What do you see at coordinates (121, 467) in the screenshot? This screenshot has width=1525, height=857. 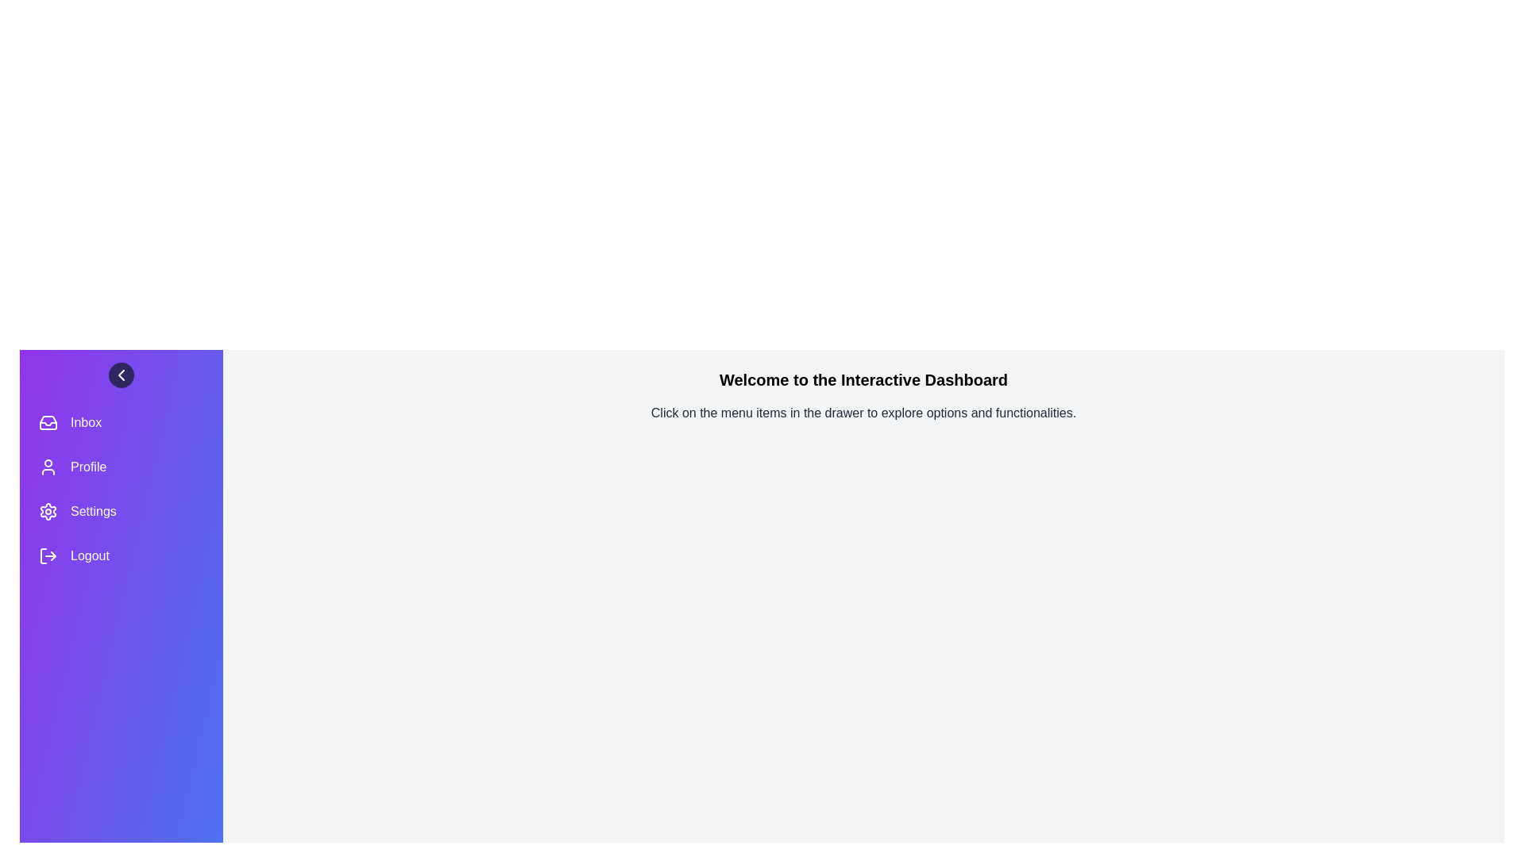 I see `the menu item labeled Profile to observe its hover effect` at bounding box center [121, 467].